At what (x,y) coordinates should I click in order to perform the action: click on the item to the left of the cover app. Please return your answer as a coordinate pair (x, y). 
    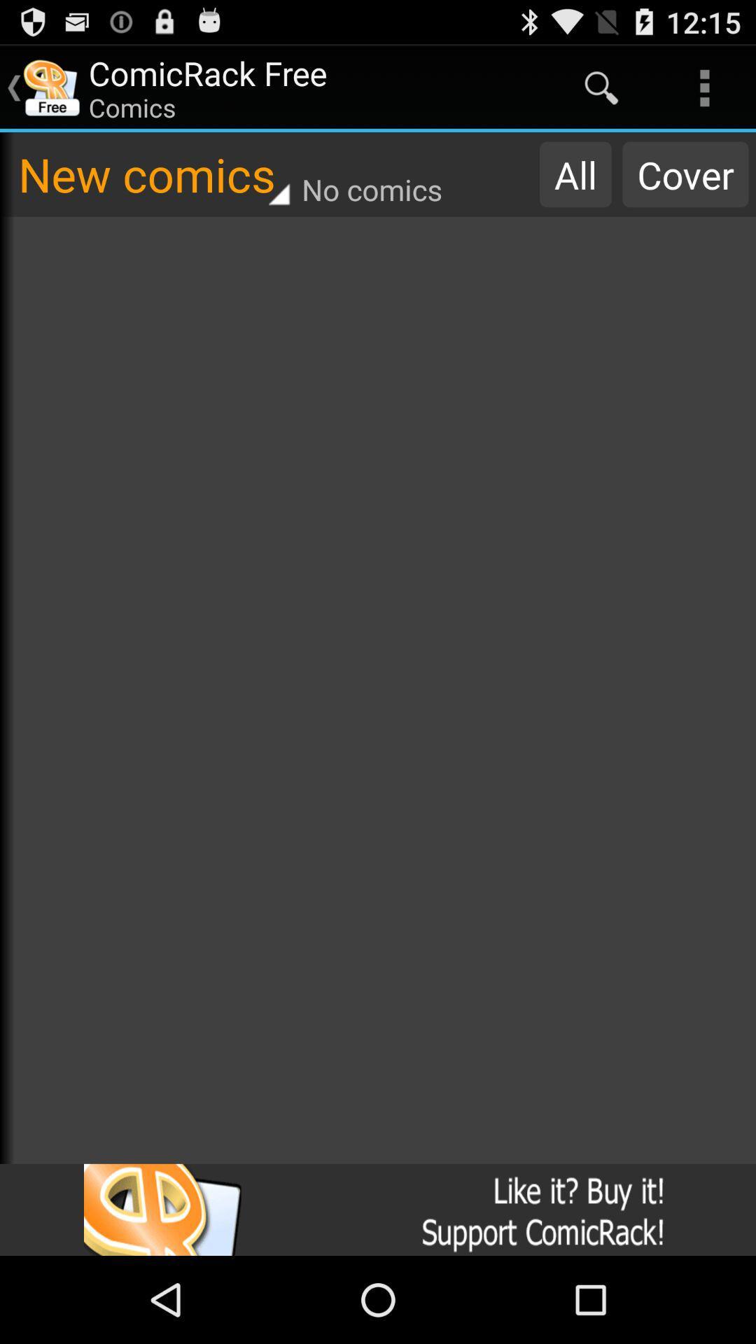
    Looking at the image, I should click on (575, 174).